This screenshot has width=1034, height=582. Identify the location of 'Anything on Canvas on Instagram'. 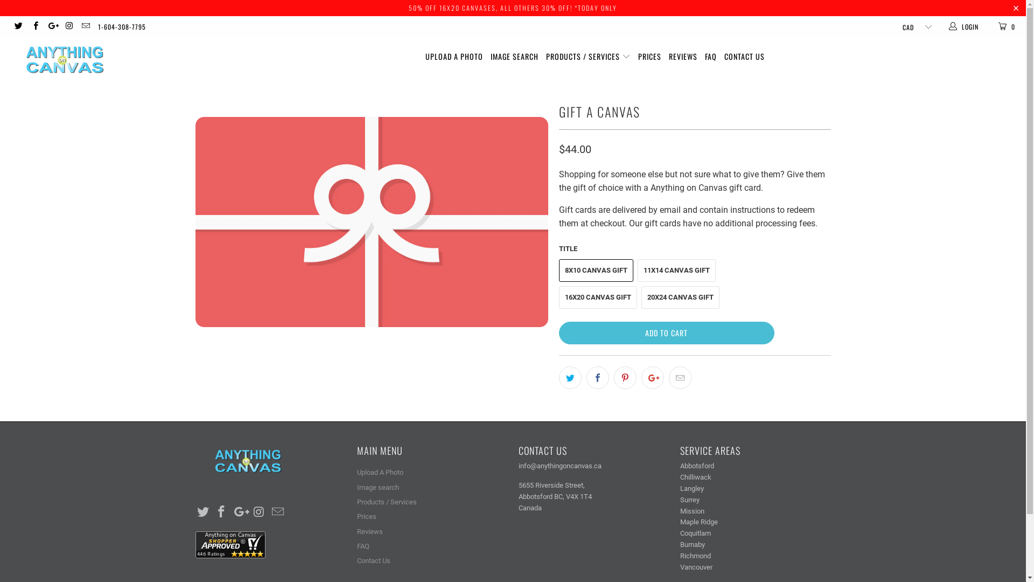
(68, 26).